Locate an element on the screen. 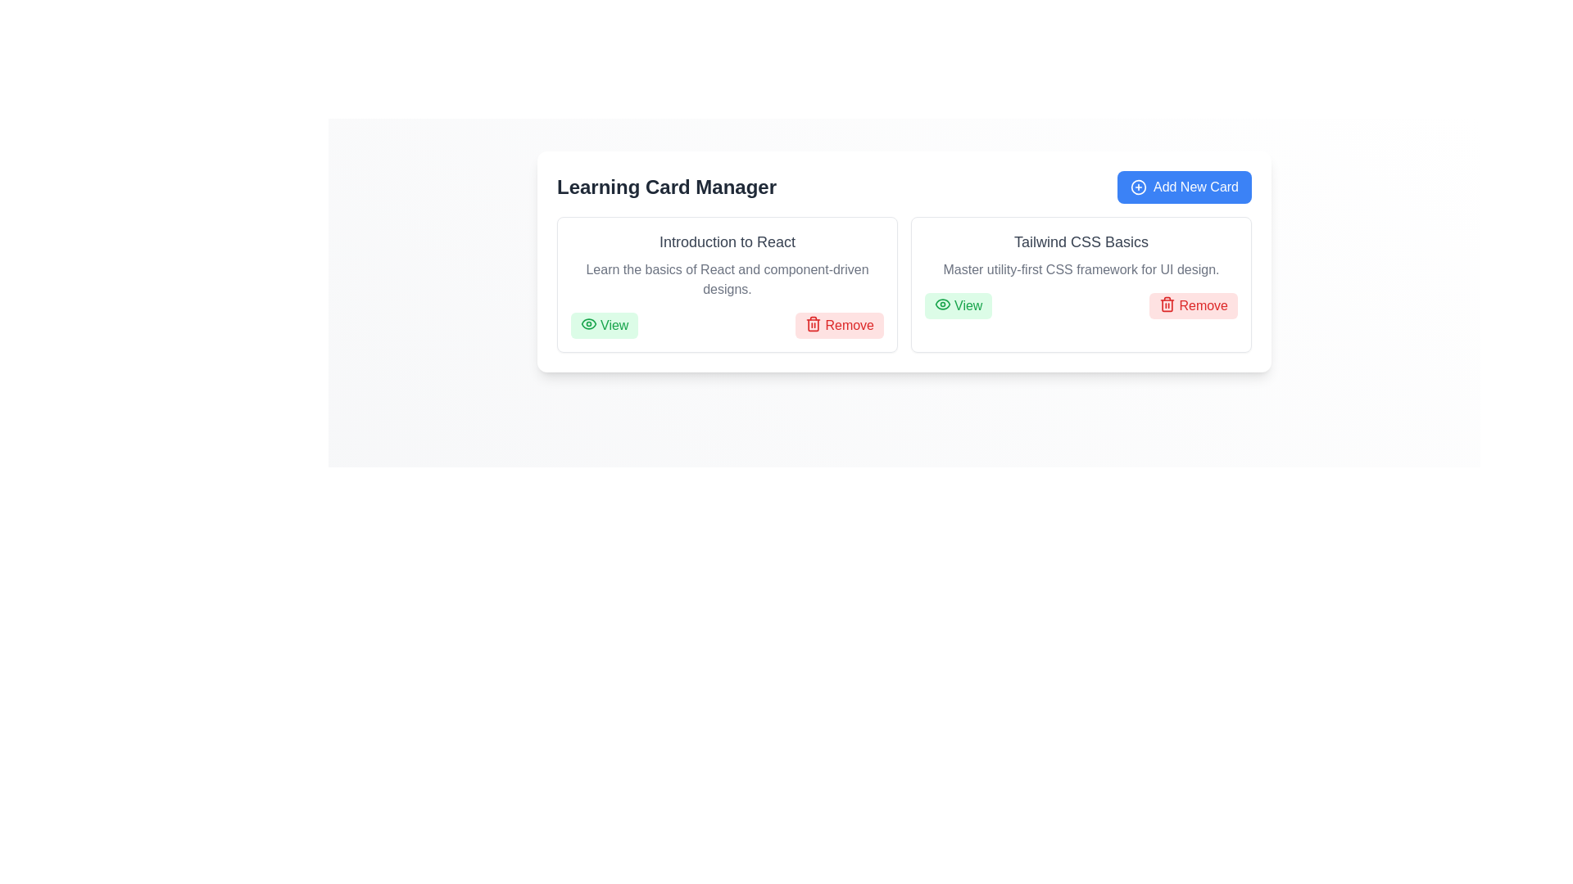 The width and height of the screenshot is (1573, 884). the red 'Remove' button with a trash can icon, located in the second card titled 'Tailwind CSS Basics', to observe the hover effect is located at coordinates (1194, 306).